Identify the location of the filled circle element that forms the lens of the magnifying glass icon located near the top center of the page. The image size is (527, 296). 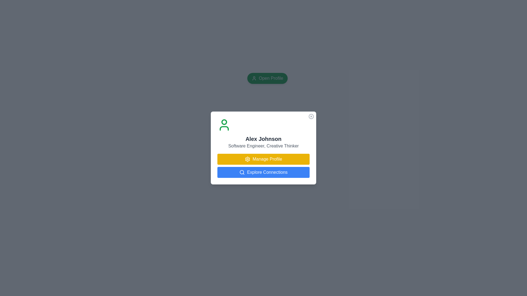
(242, 172).